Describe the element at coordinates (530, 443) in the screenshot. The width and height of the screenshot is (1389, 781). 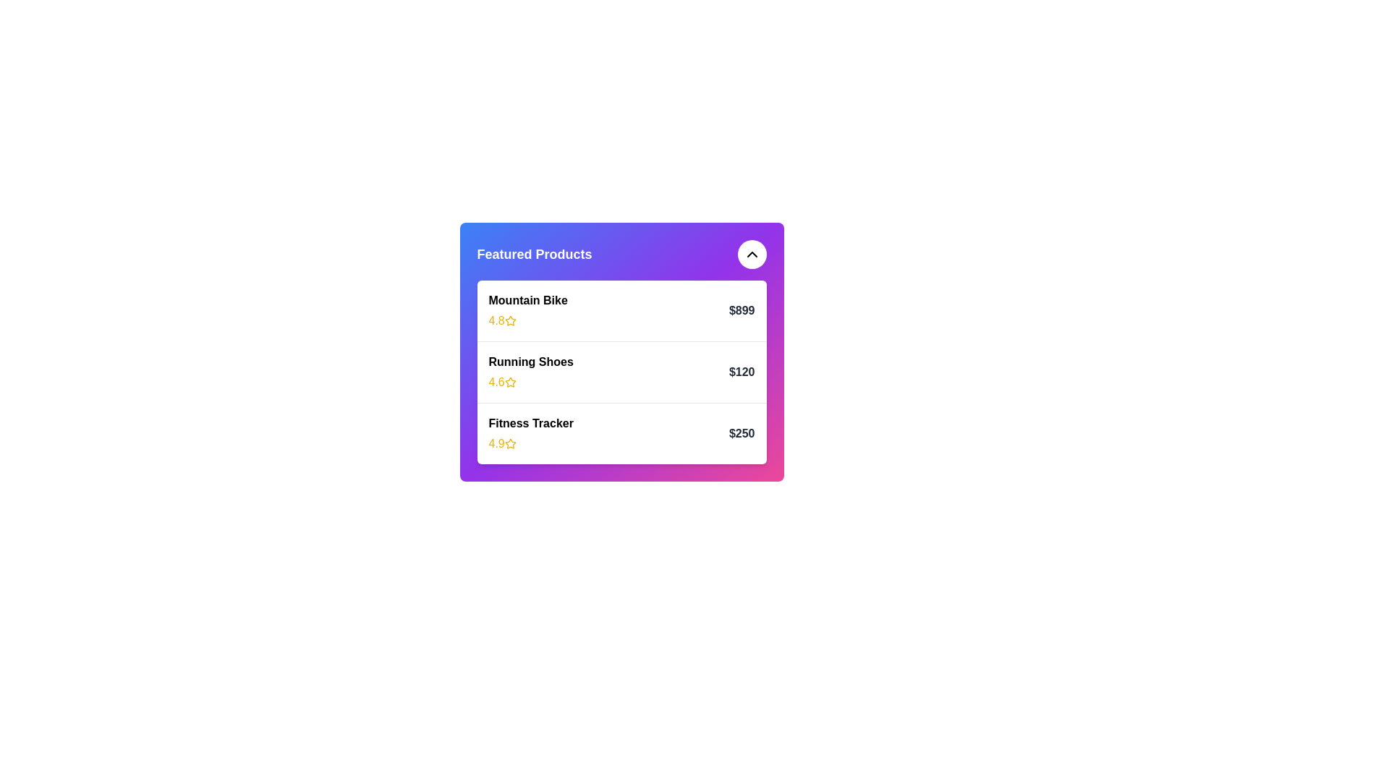
I see `the third rating element displaying the user or product rating for the 'Fitness Tracker' item, located under 'Featured Products' and to the left of the corresponding price` at that location.